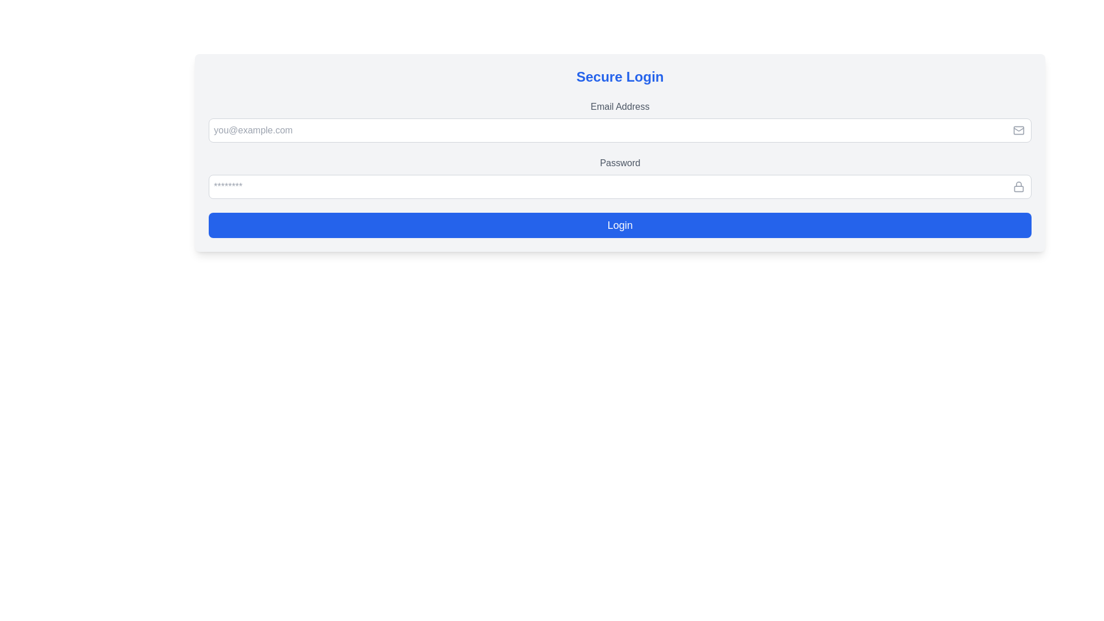  I want to click on the email input area icon located at the right end of the email input box, so click(1018, 130).